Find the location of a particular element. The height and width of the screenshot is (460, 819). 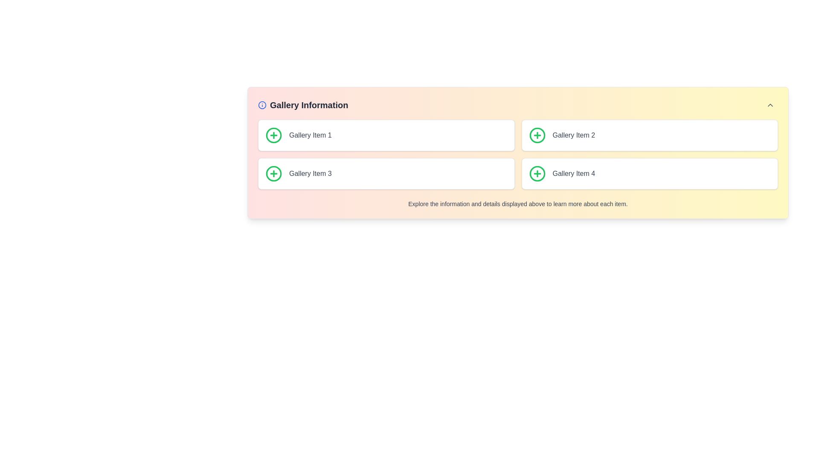

the circular icon with a green outline and white center, featuring a green plus sign, located next to 'Gallery Item 2' in the top-right section of the interface is located at coordinates (537, 135).